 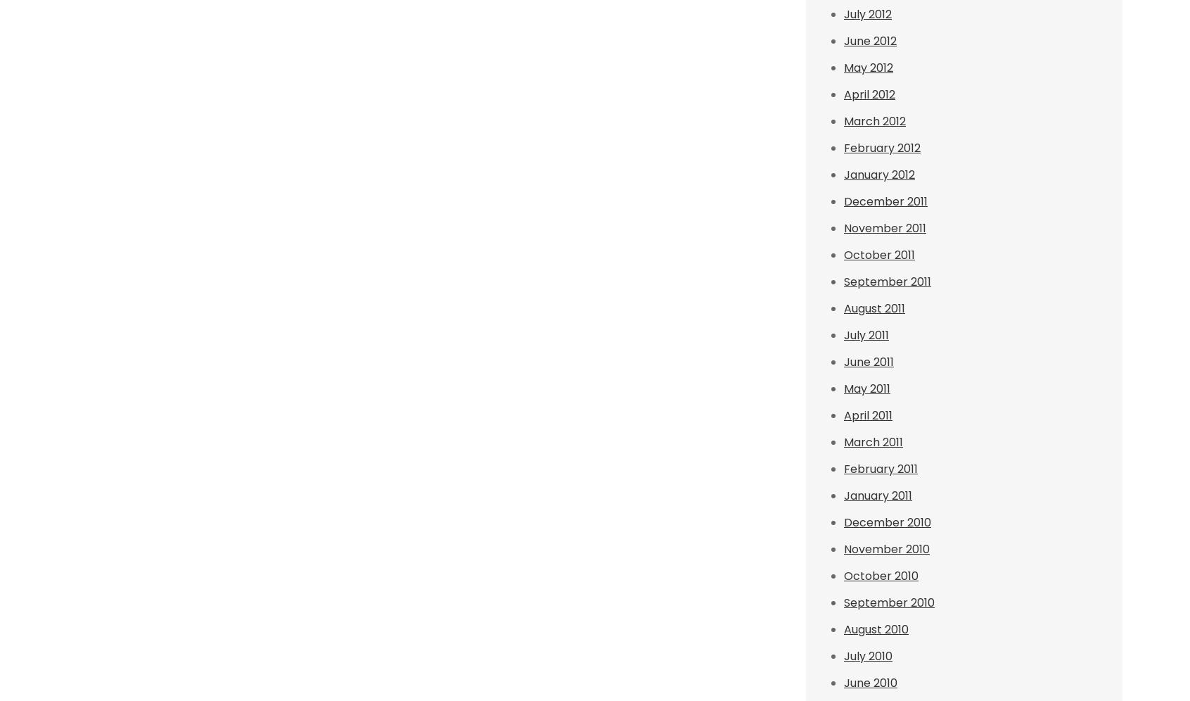 What do you see at coordinates (868, 415) in the screenshot?
I see `'April 2011'` at bounding box center [868, 415].